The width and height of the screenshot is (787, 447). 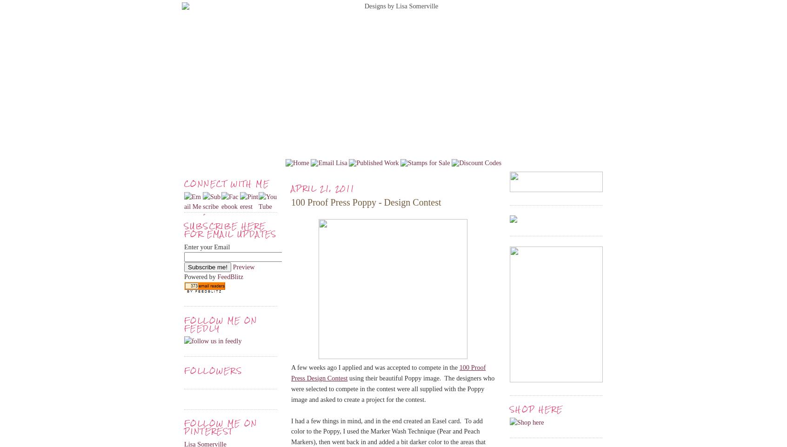 I want to click on 'Enter your Email', so click(x=184, y=246).